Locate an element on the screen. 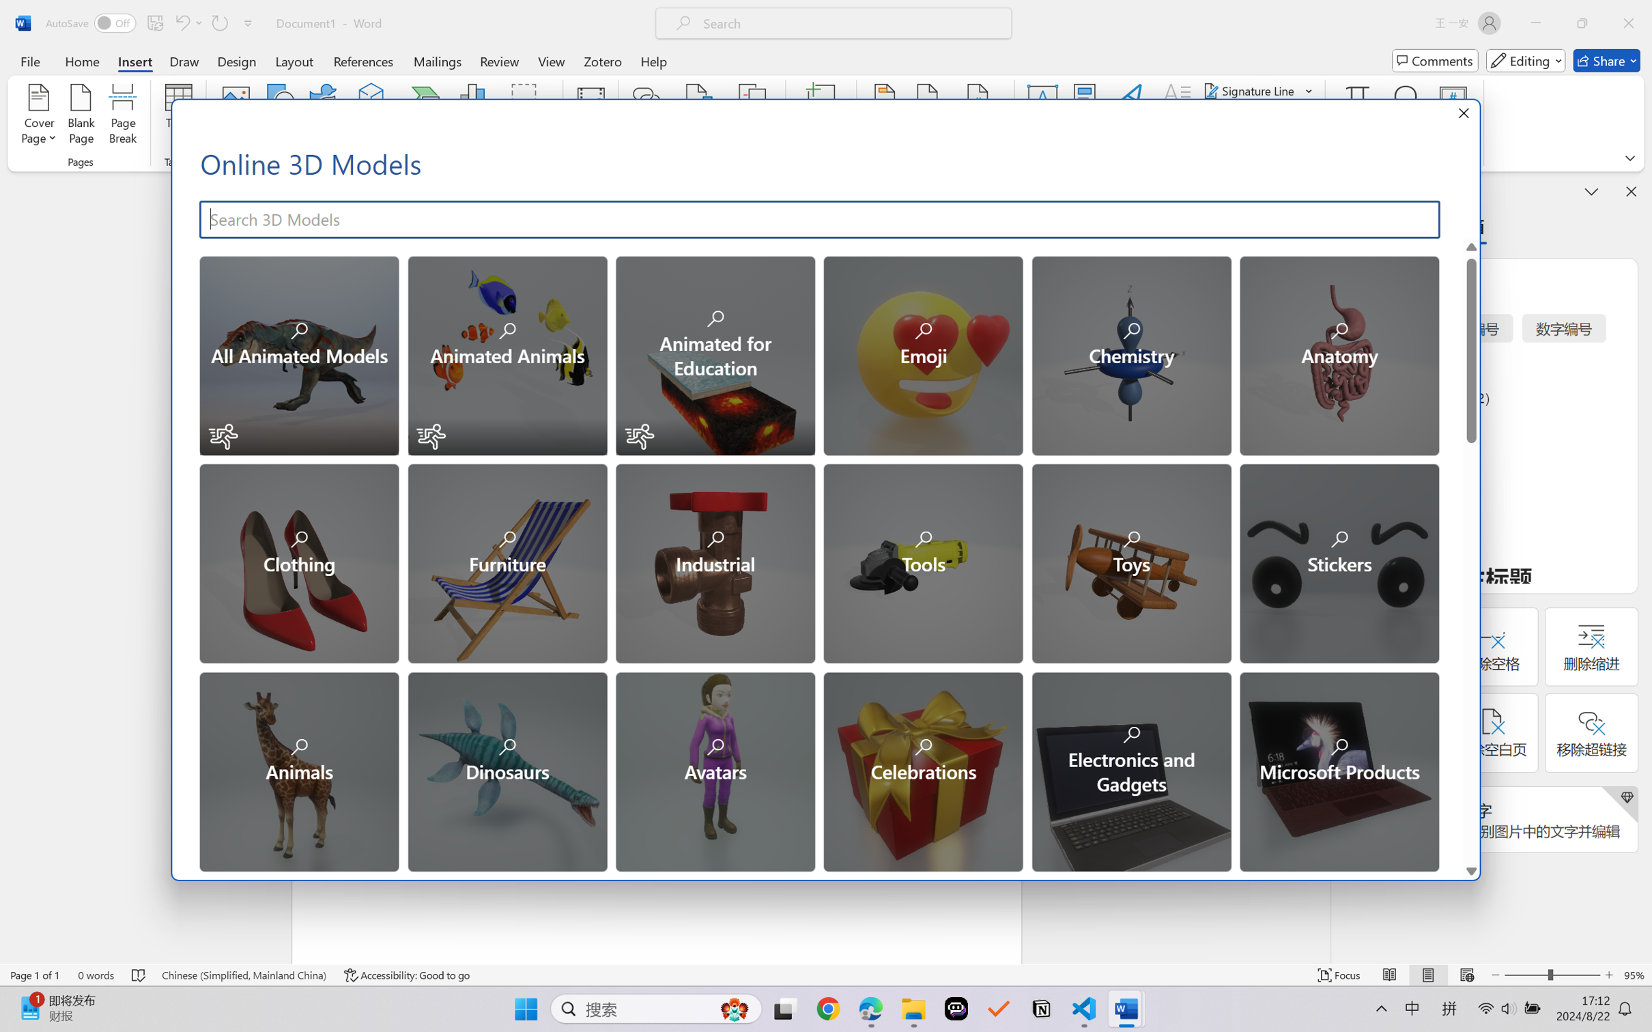  'Furniture' is located at coordinates (505, 562).